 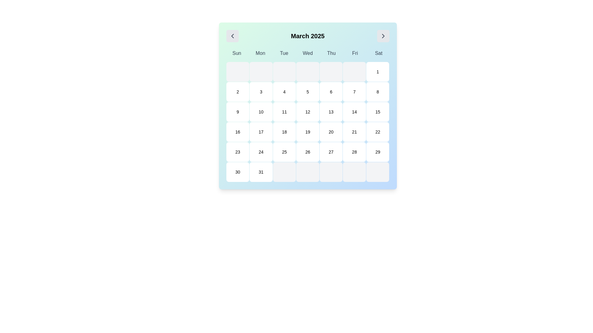 I want to click on the button representing the 21st day of the current month on the calendar interface, so click(x=354, y=132).